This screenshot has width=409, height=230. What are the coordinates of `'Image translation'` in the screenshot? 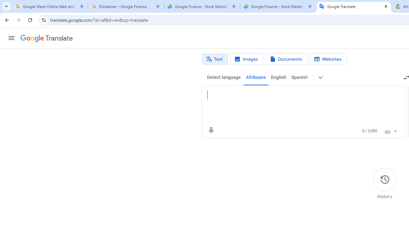 It's located at (246, 59).